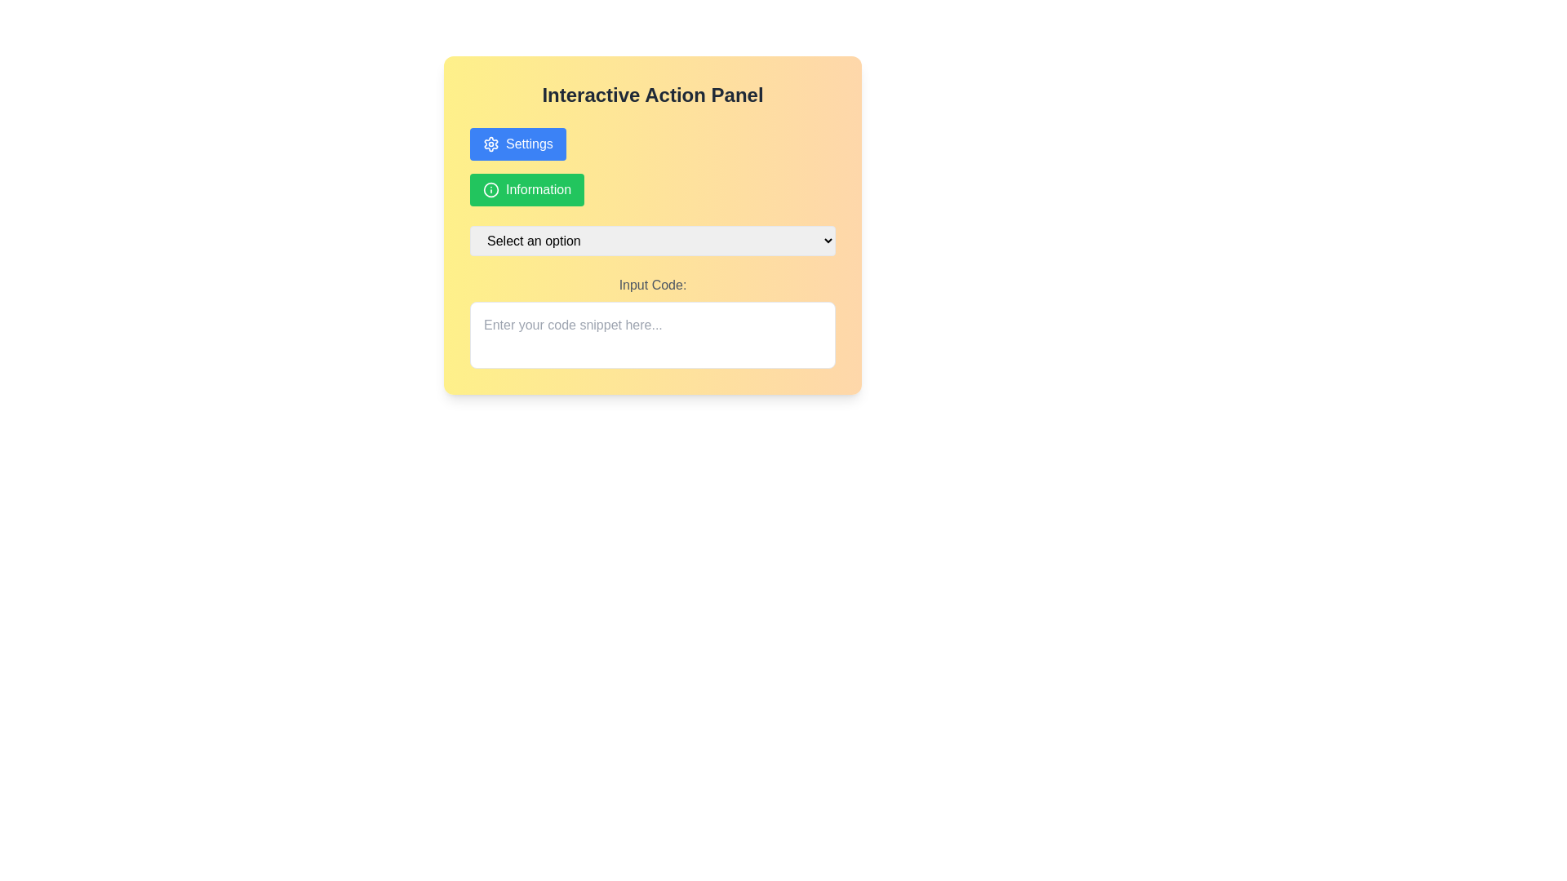  What do you see at coordinates (653, 285) in the screenshot?
I see `the Text label that serves as a description for the input field below, located centrally in the interface above the interactive text input field` at bounding box center [653, 285].